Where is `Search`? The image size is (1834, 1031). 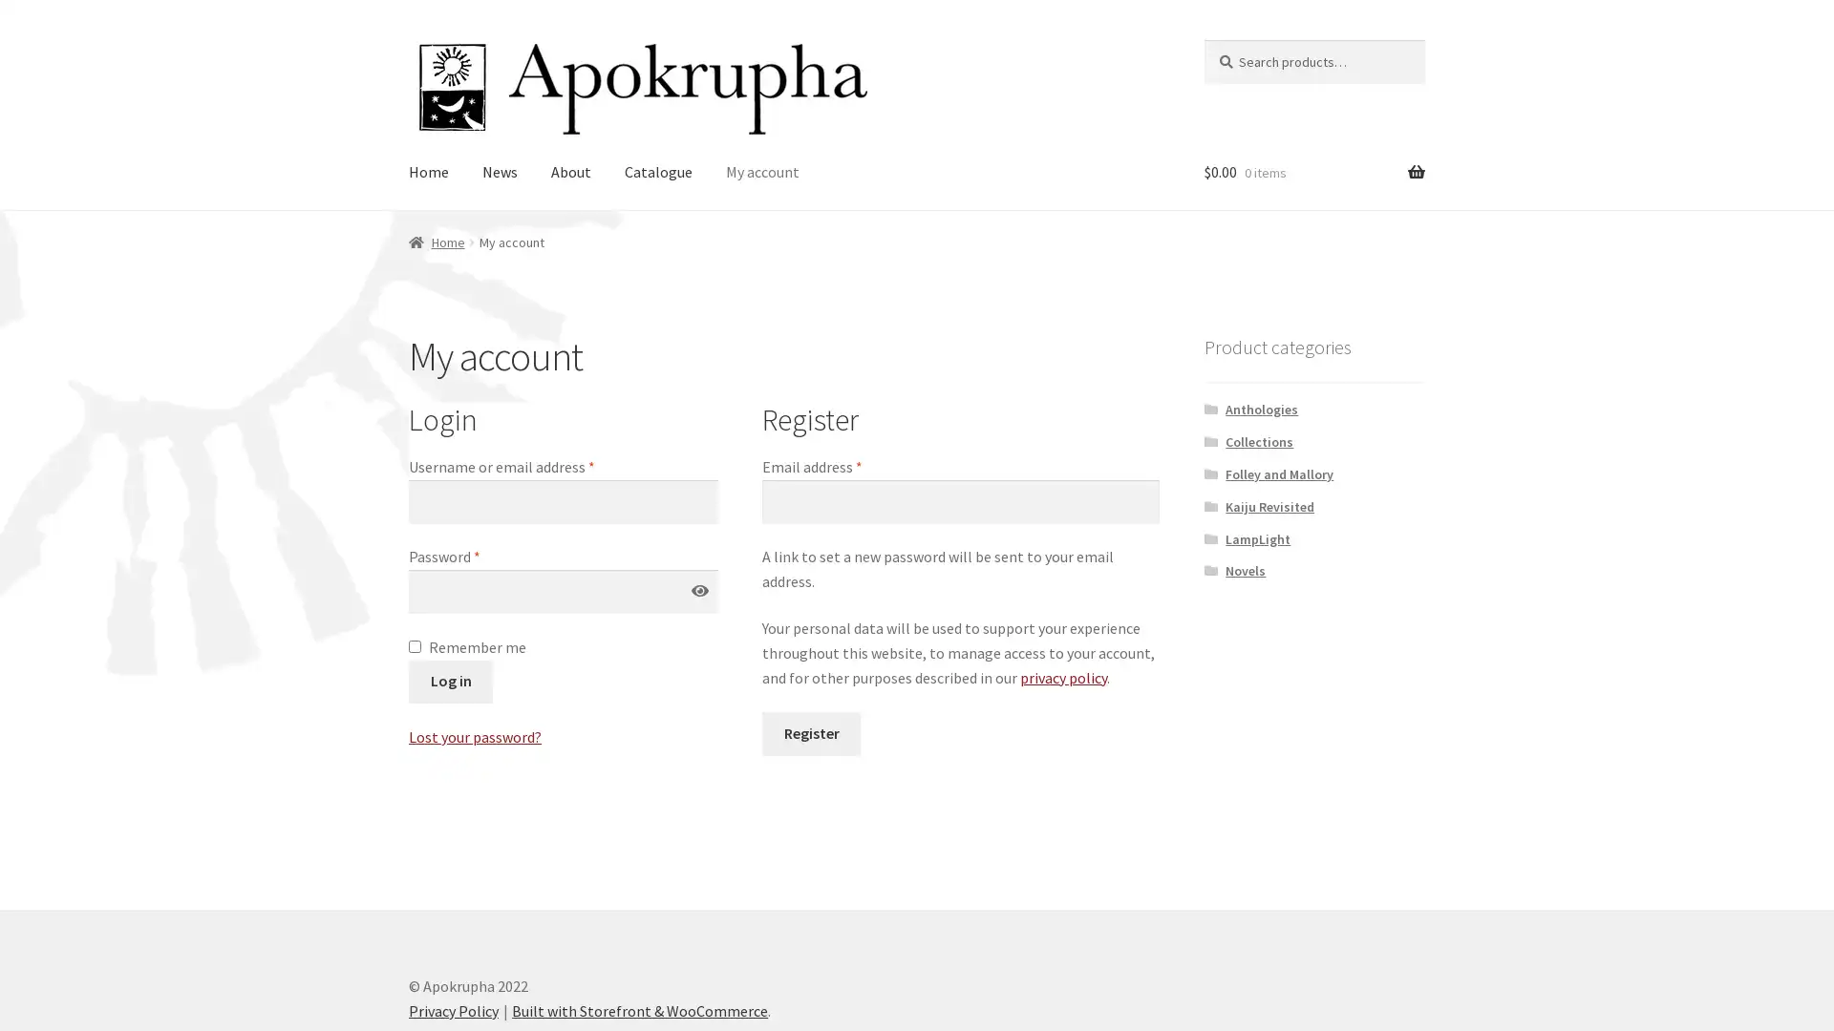
Search is located at coordinates (1202, 38).